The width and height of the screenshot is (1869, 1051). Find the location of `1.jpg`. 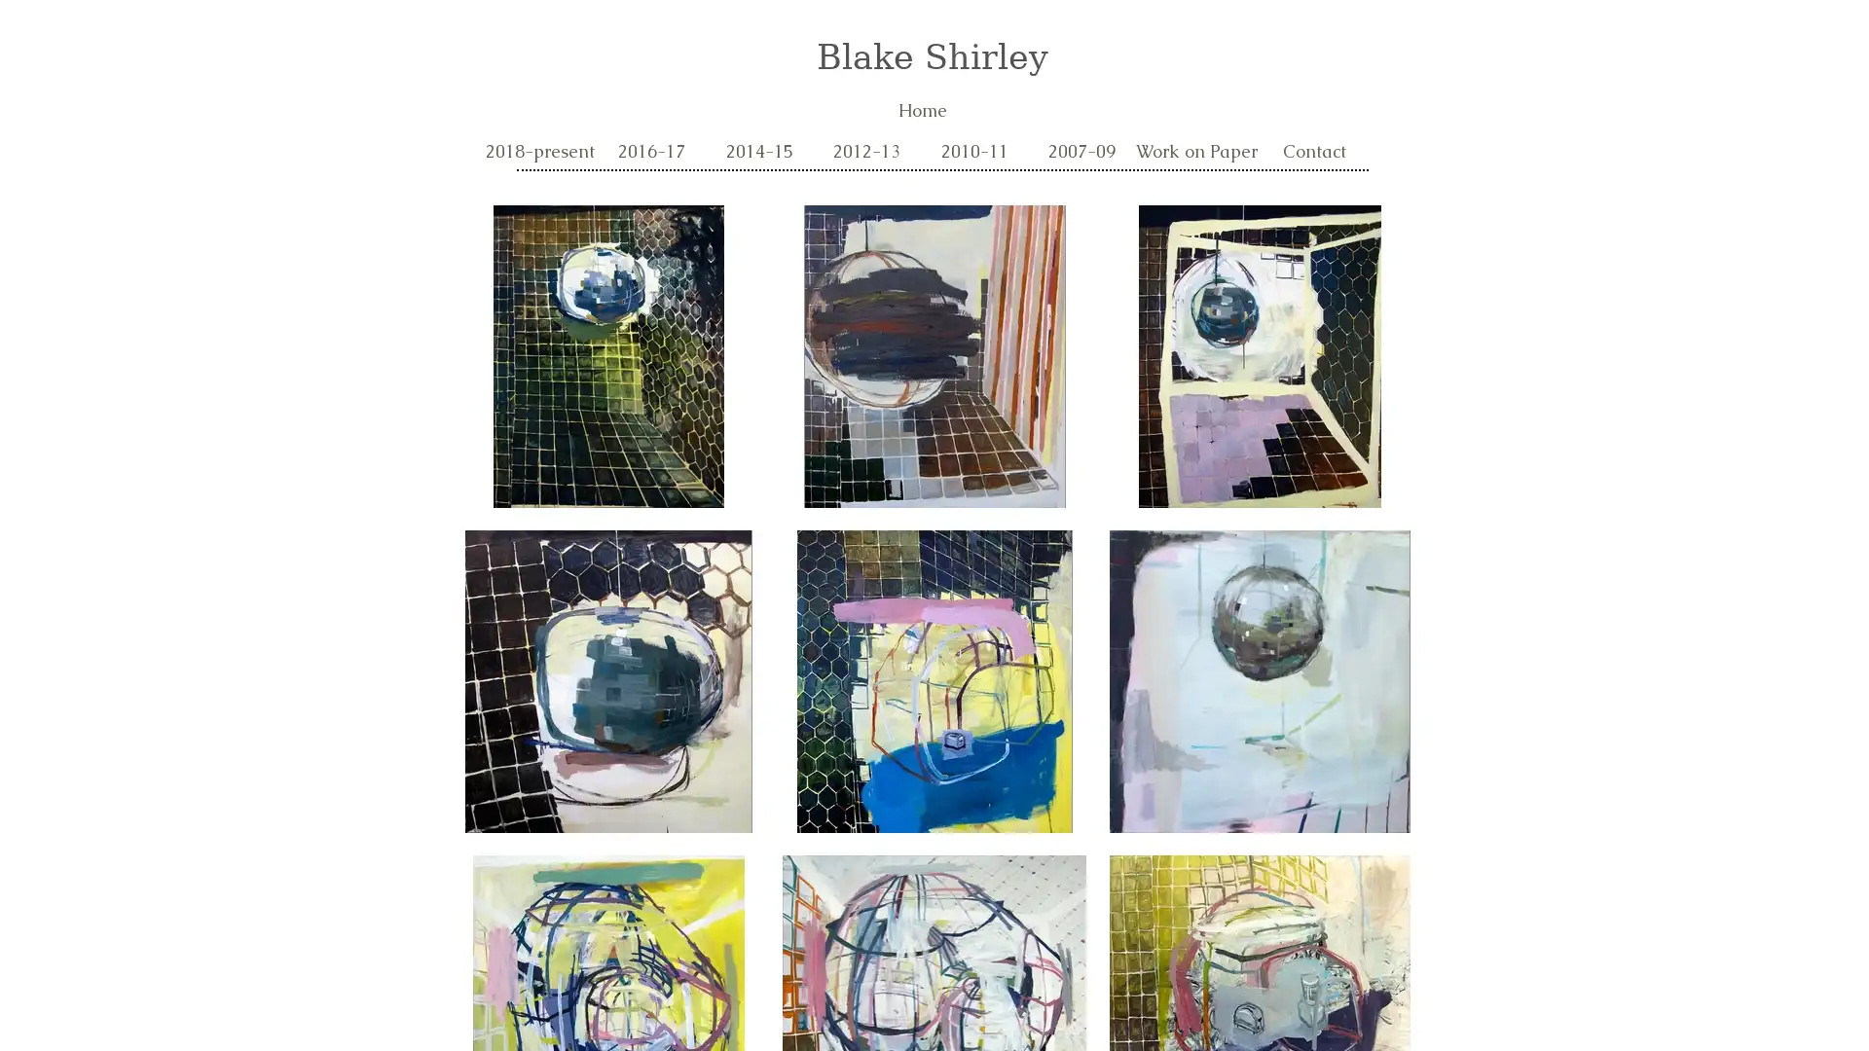

1.jpg is located at coordinates (607, 356).